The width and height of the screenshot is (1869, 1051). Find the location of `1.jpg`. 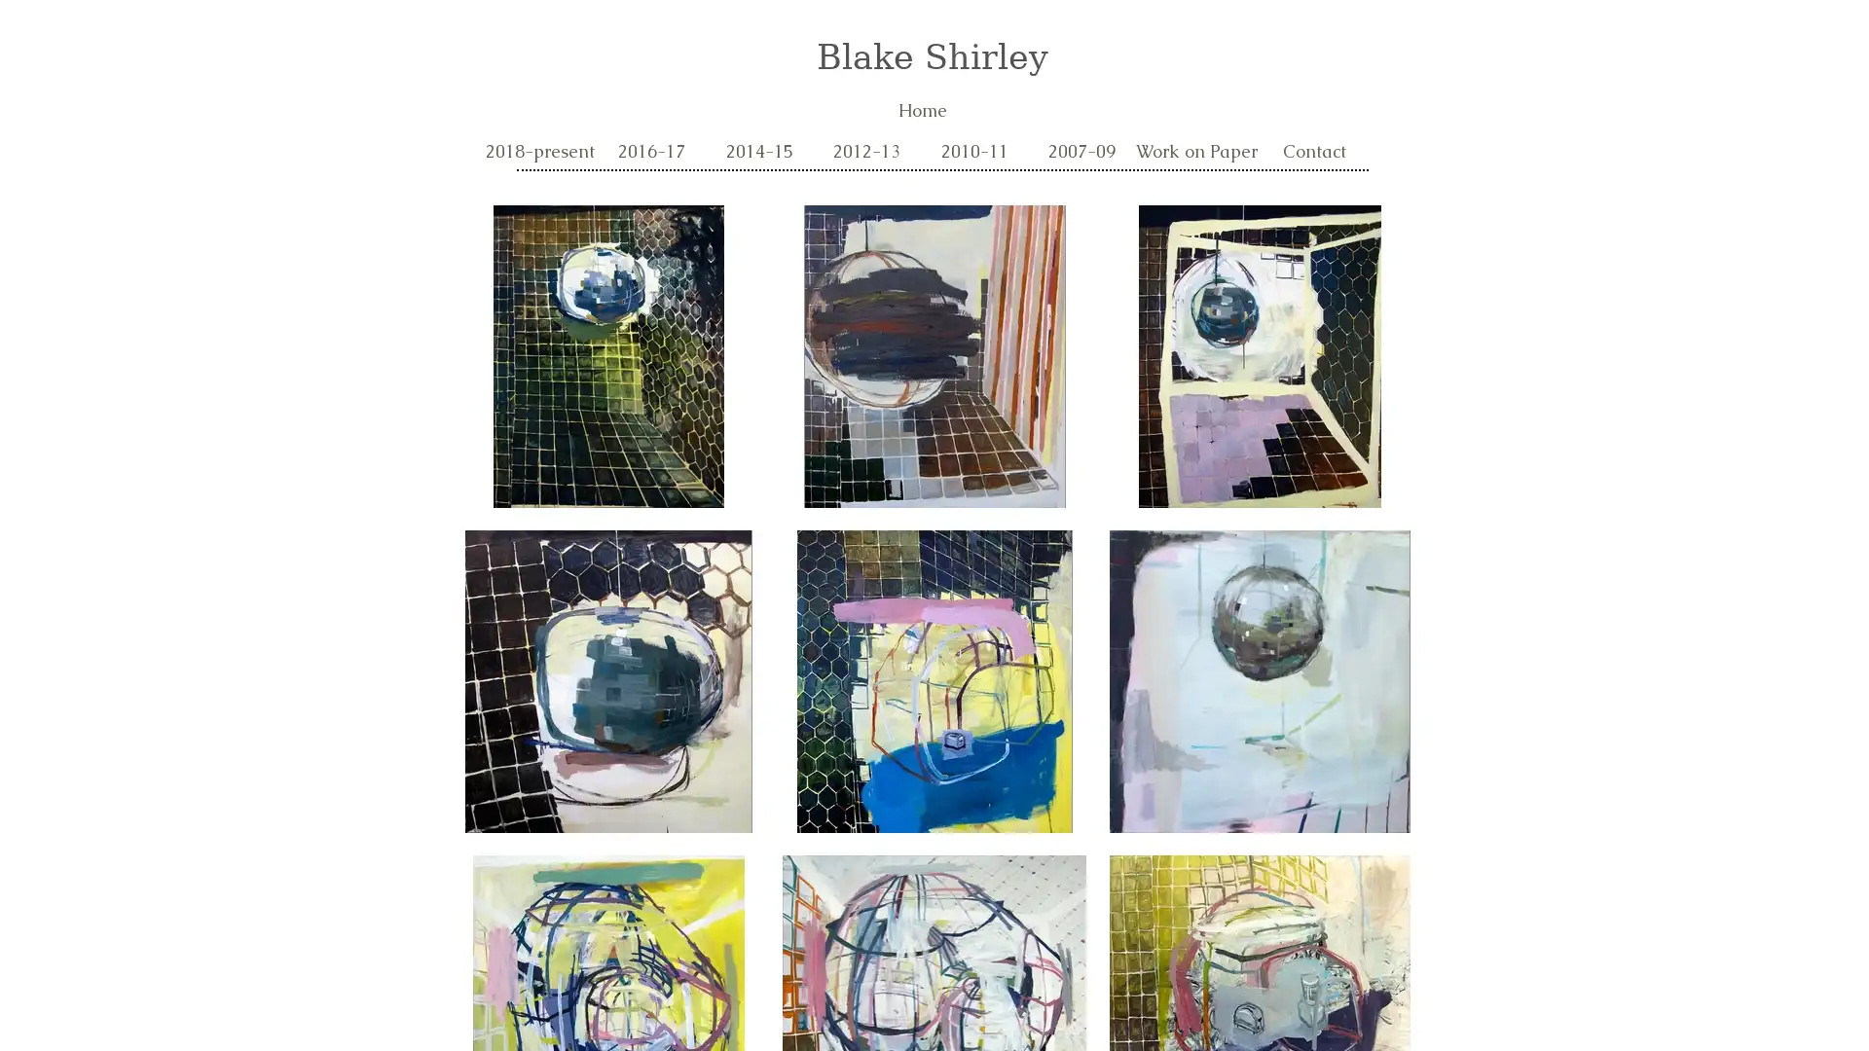

1.jpg is located at coordinates (607, 356).